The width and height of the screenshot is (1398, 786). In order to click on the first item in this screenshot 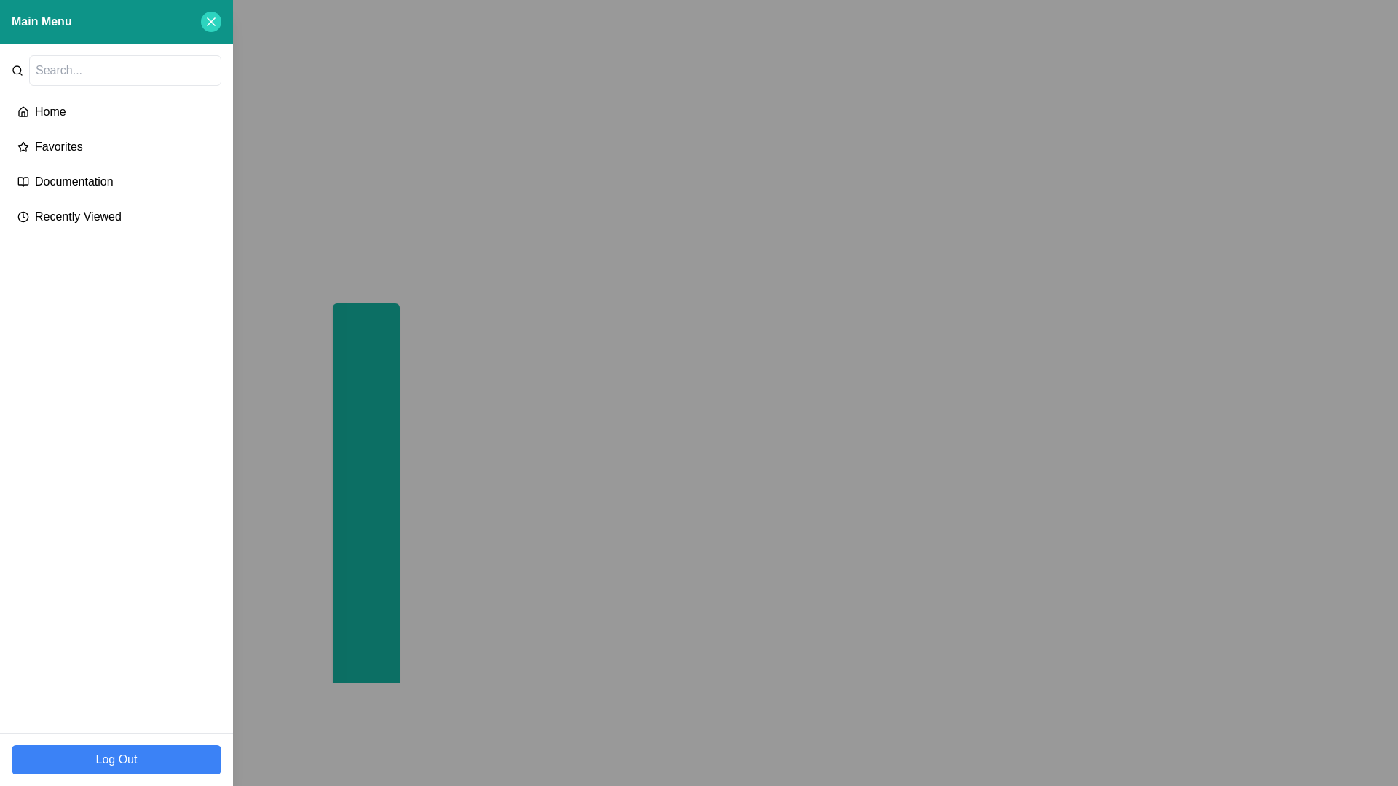, I will do `click(115, 111)`.